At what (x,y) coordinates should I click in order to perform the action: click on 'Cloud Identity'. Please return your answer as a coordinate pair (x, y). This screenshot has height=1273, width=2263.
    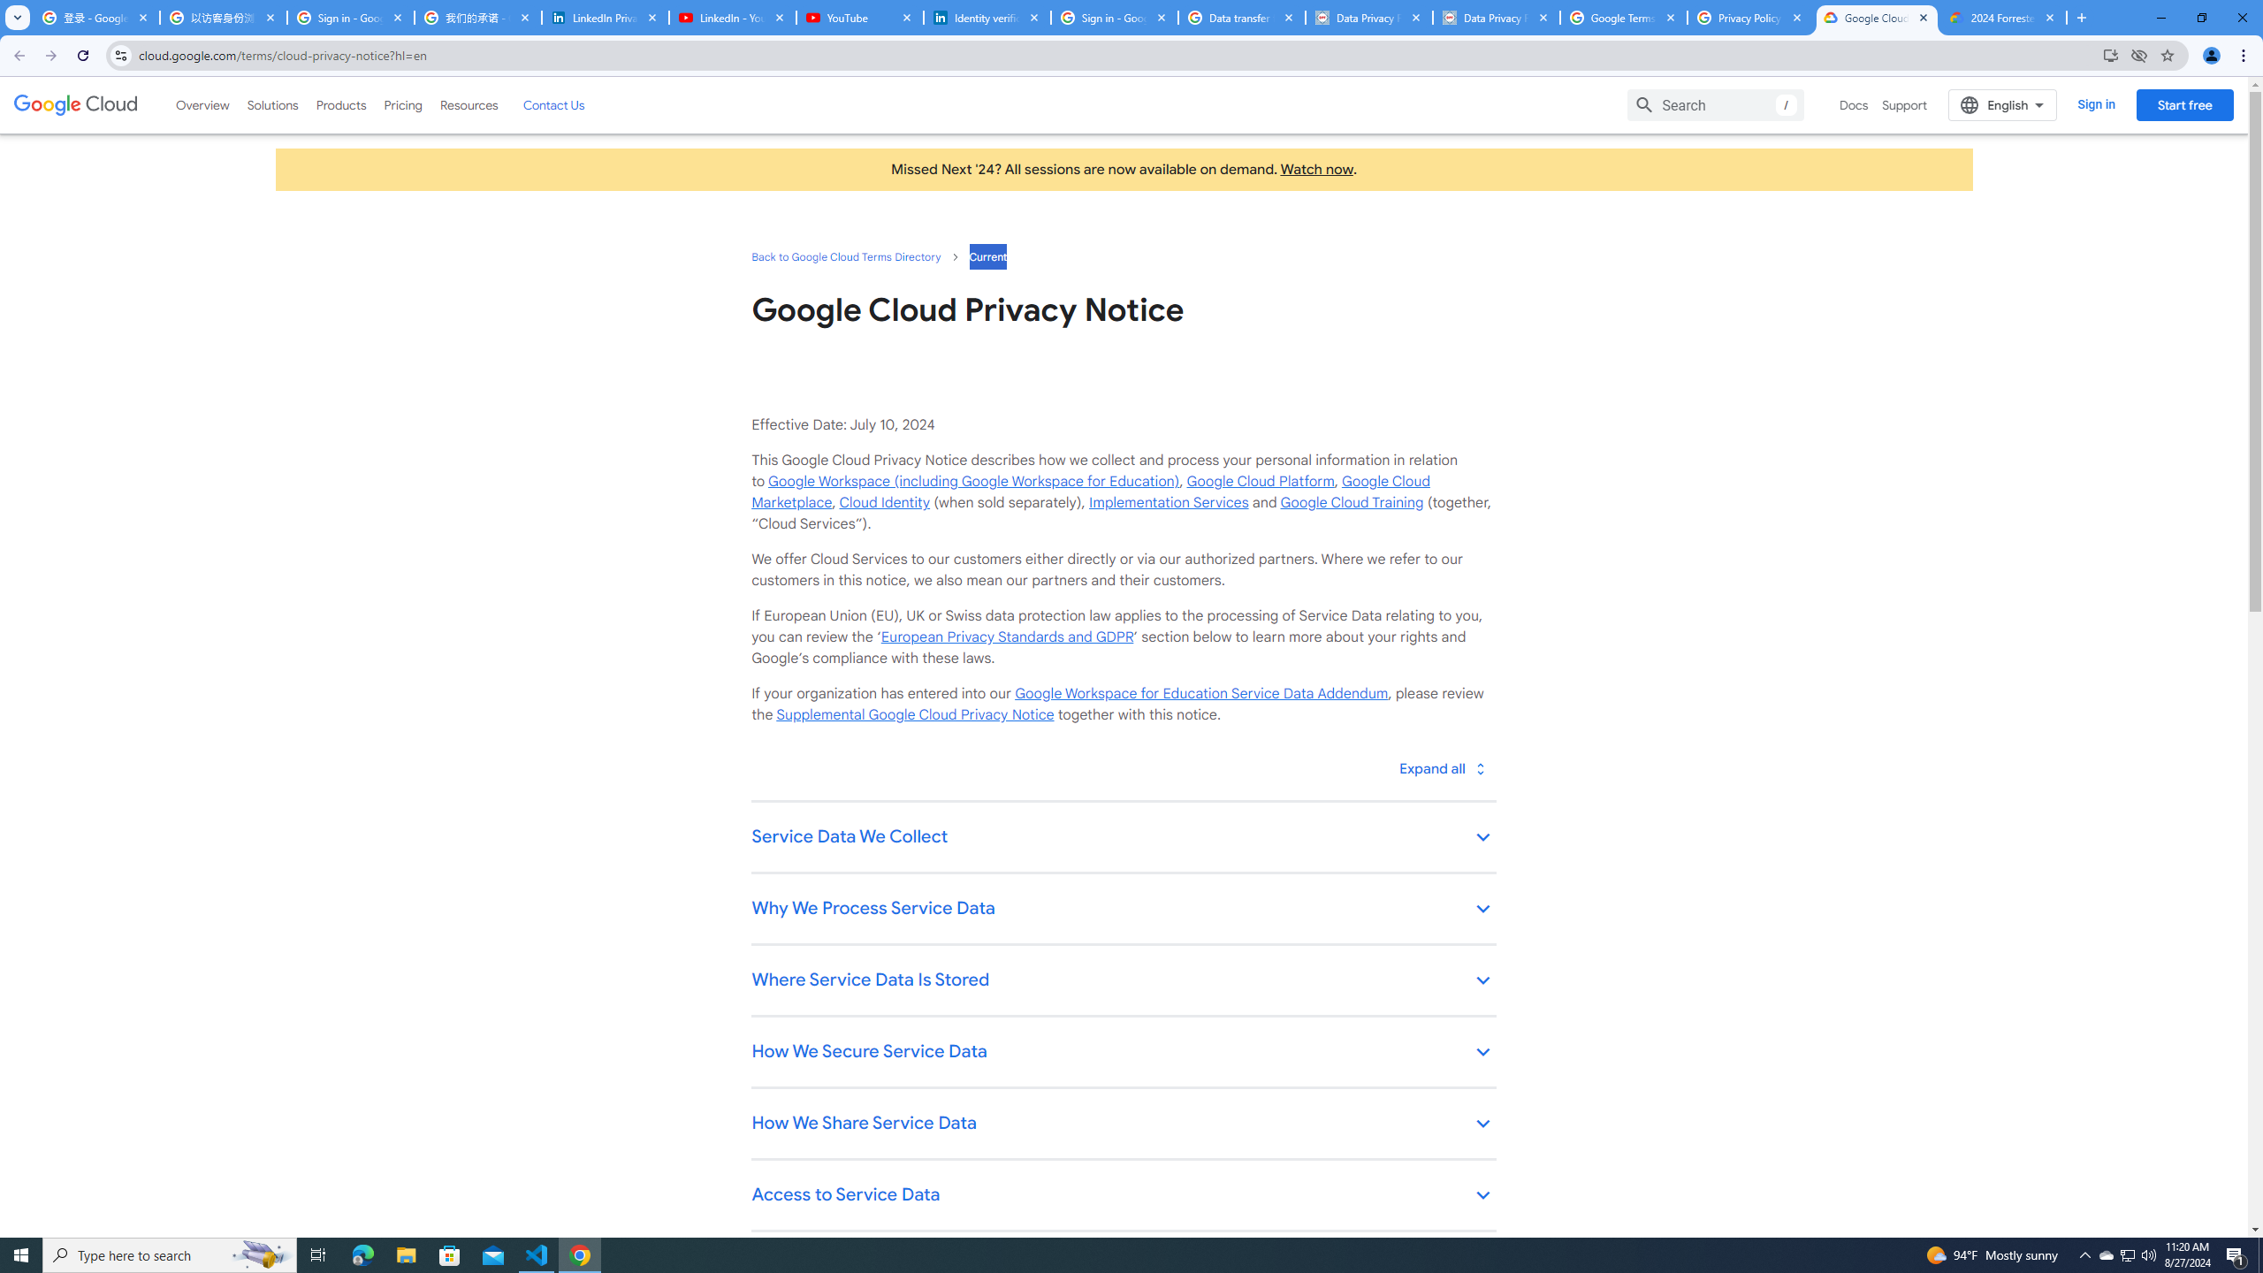
    Looking at the image, I should click on (883, 501).